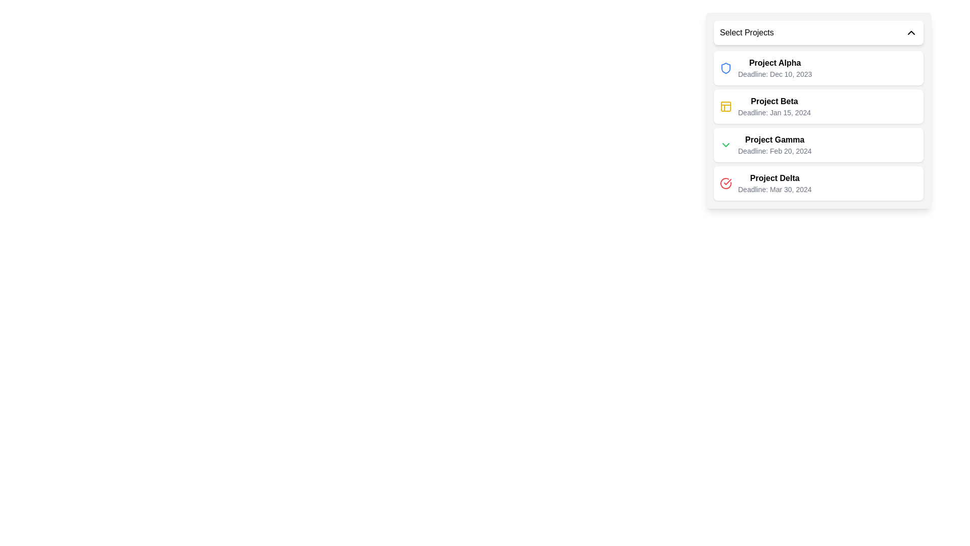  Describe the element at coordinates (818, 107) in the screenshot. I see `the project list item representing 'Project Beta', which is the second item in the project list` at that location.